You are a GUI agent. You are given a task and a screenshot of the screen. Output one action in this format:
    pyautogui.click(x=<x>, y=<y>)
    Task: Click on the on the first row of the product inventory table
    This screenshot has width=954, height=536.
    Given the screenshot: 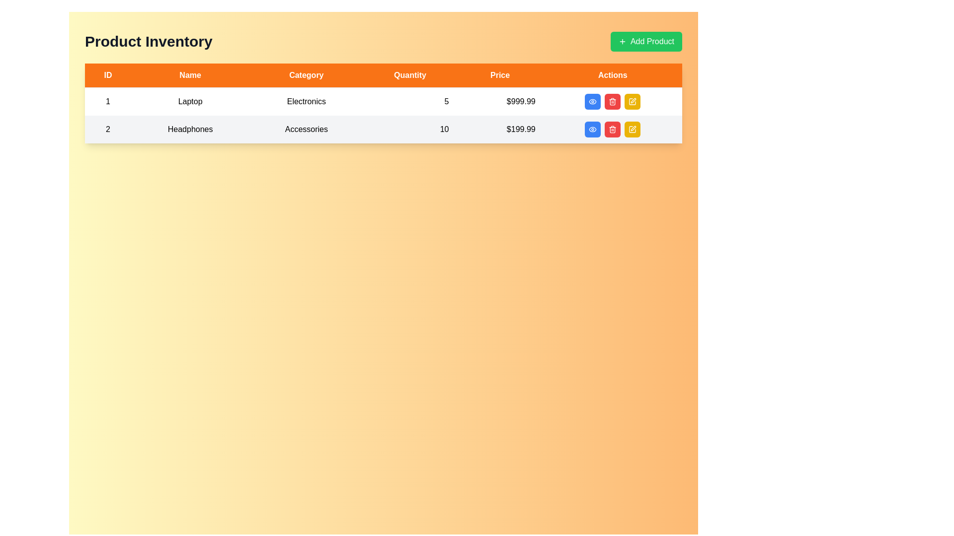 What is the action you would take?
    pyautogui.click(x=383, y=101)
    